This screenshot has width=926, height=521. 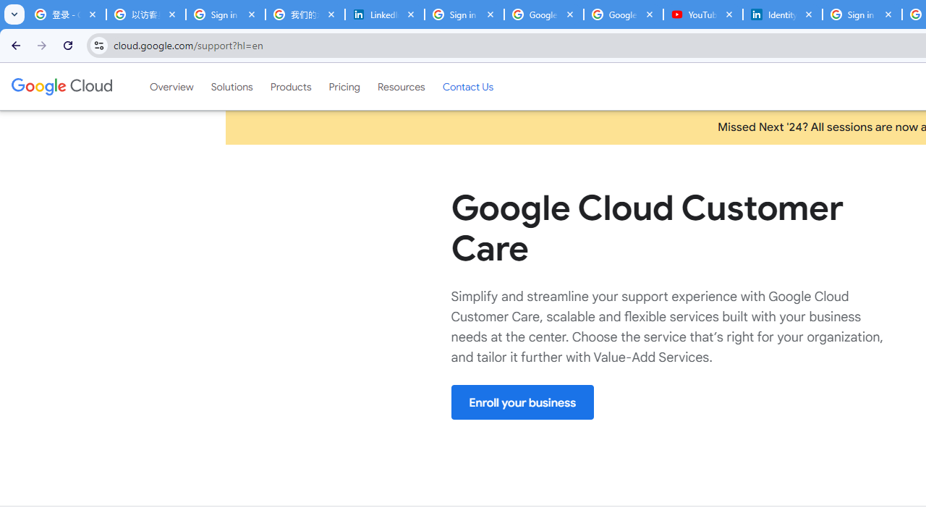 What do you see at coordinates (61, 86) in the screenshot?
I see `'Google Cloud'` at bounding box center [61, 86].